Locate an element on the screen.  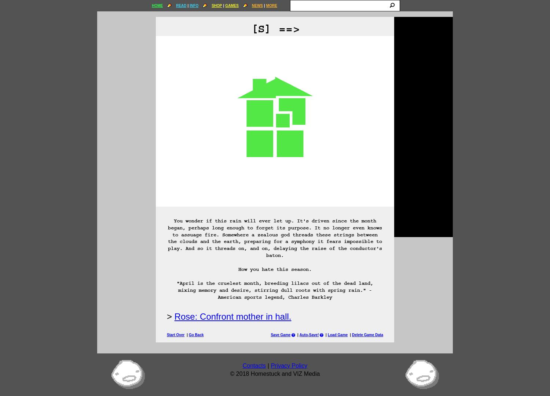
'>' is located at coordinates (169, 316).